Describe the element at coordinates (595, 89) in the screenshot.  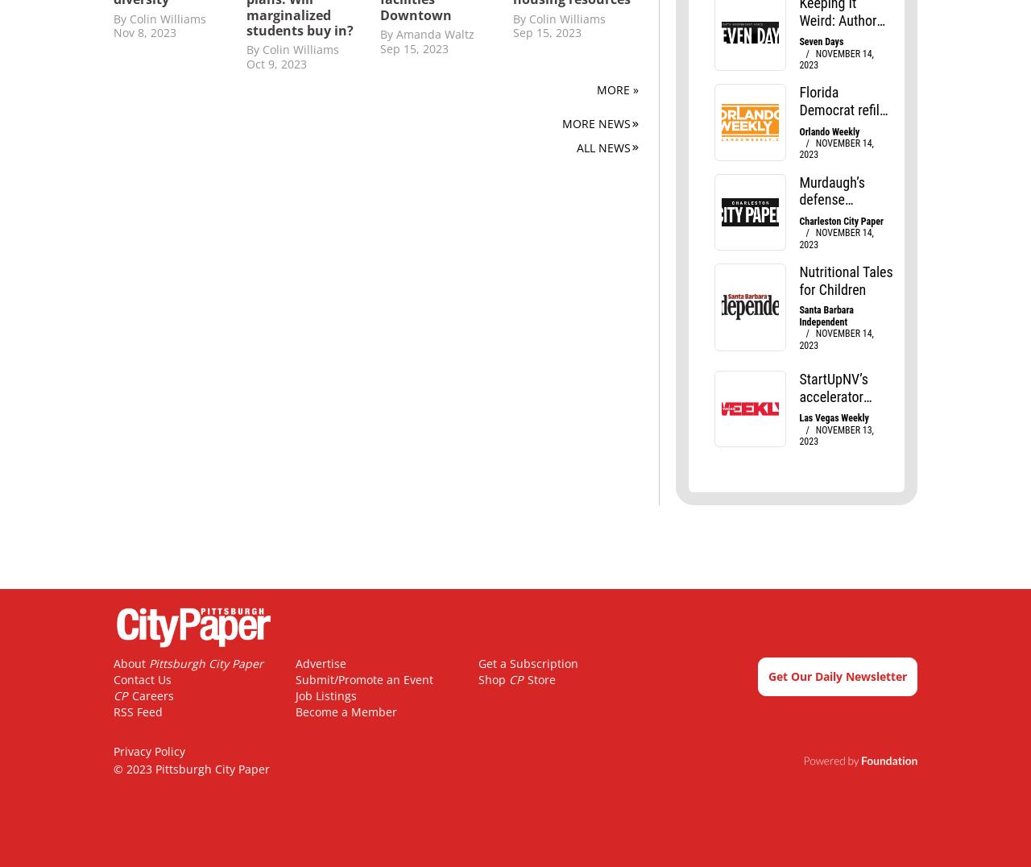
I see `'More »'` at that location.